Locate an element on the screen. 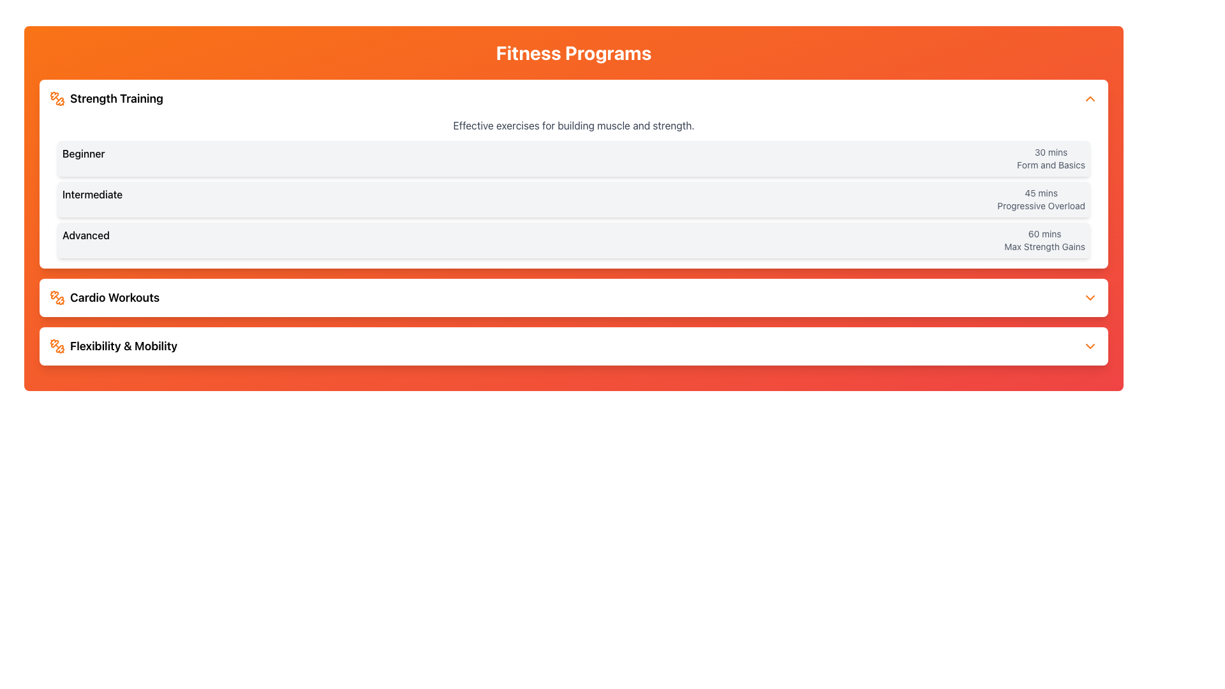 This screenshot has width=1225, height=689. the dumbbell icon in the 'Cardio Workouts' section, which is orange and located to the left of the 'Cardio Workouts' text label is located at coordinates (57, 297).